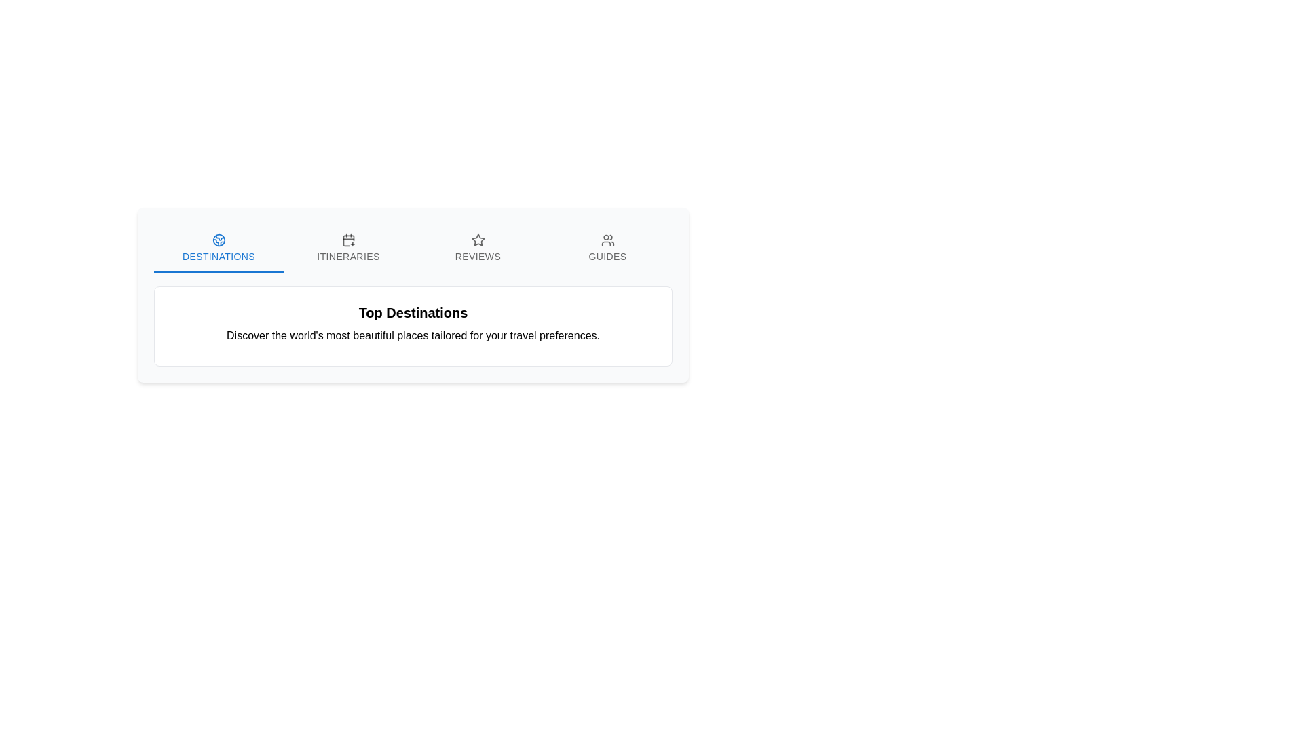 This screenshot has height=733, width=1303. Describe the element at coordinates (413, 324) in the screenshot. I see `the text block that serves as a descriptive content block introducing a travel-related feature or category, located in the center of a white, bordered, rounded rectangle` at that location.